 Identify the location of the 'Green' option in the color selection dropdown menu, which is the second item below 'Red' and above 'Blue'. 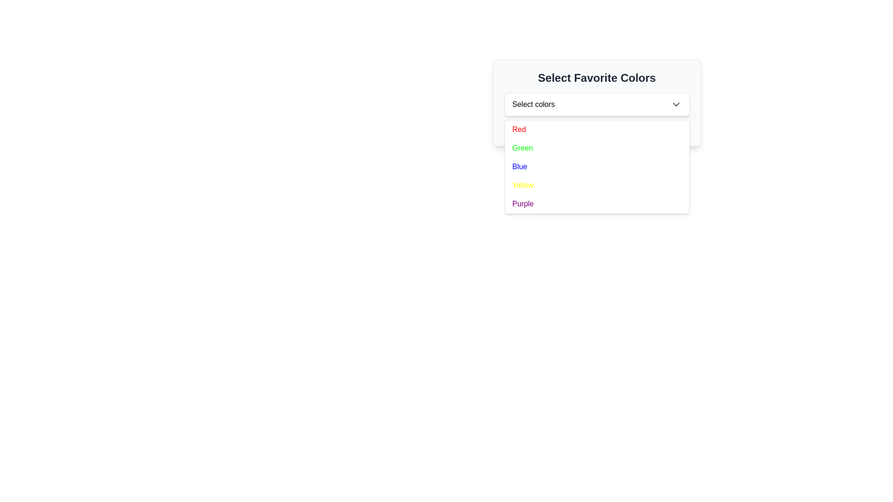
(522, 148).